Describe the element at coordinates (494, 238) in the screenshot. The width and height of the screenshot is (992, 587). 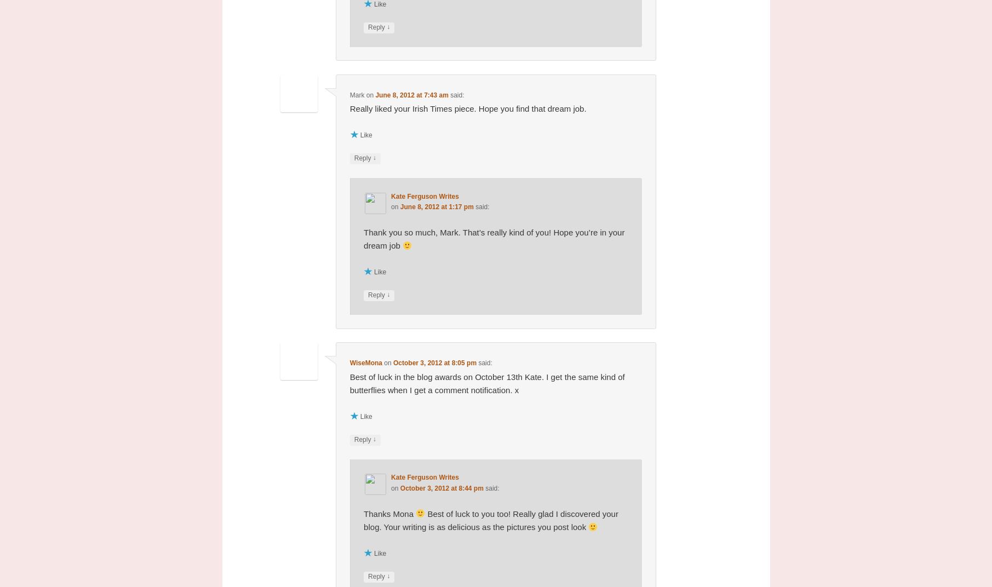
I see `'Thank you so much, Mark. That’s really kind of you! Hope you’re in your dream job'` at that location.